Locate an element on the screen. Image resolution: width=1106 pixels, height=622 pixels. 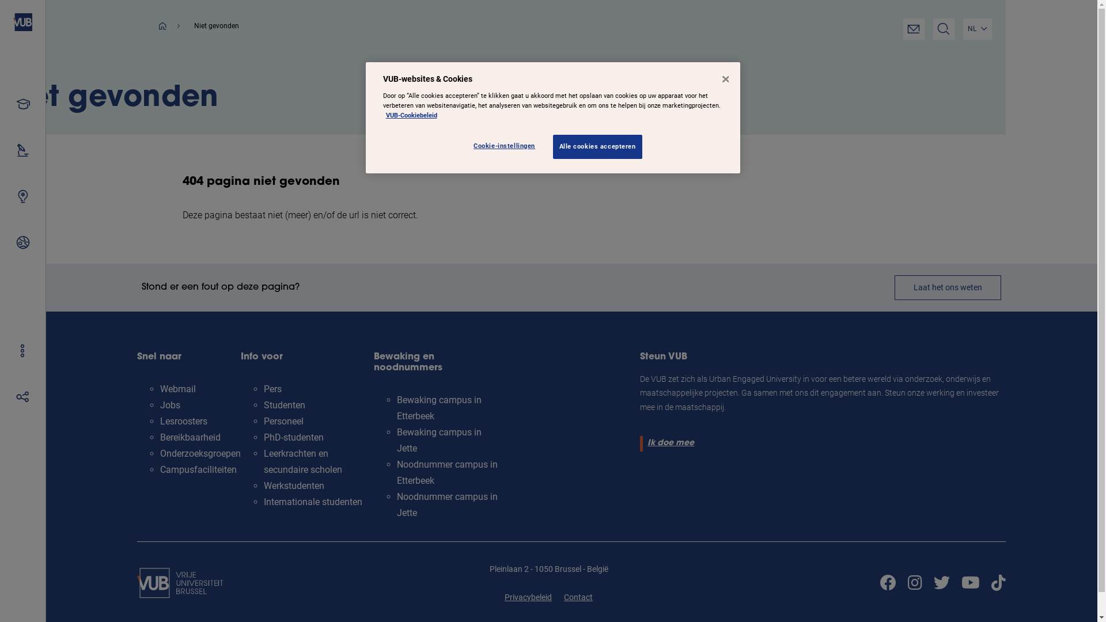
'Contact' is located at coordinates (578, 597).